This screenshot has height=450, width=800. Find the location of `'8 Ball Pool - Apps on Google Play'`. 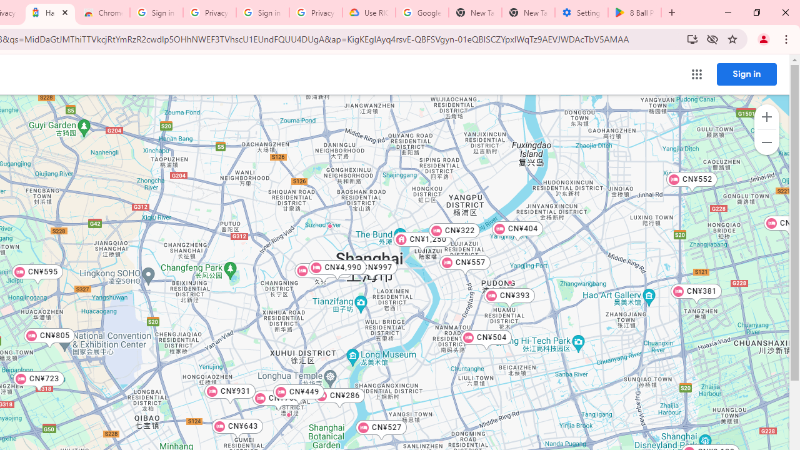

'8 Ball Pool - Apps on Google Play' is located at coordinates (634, 12).